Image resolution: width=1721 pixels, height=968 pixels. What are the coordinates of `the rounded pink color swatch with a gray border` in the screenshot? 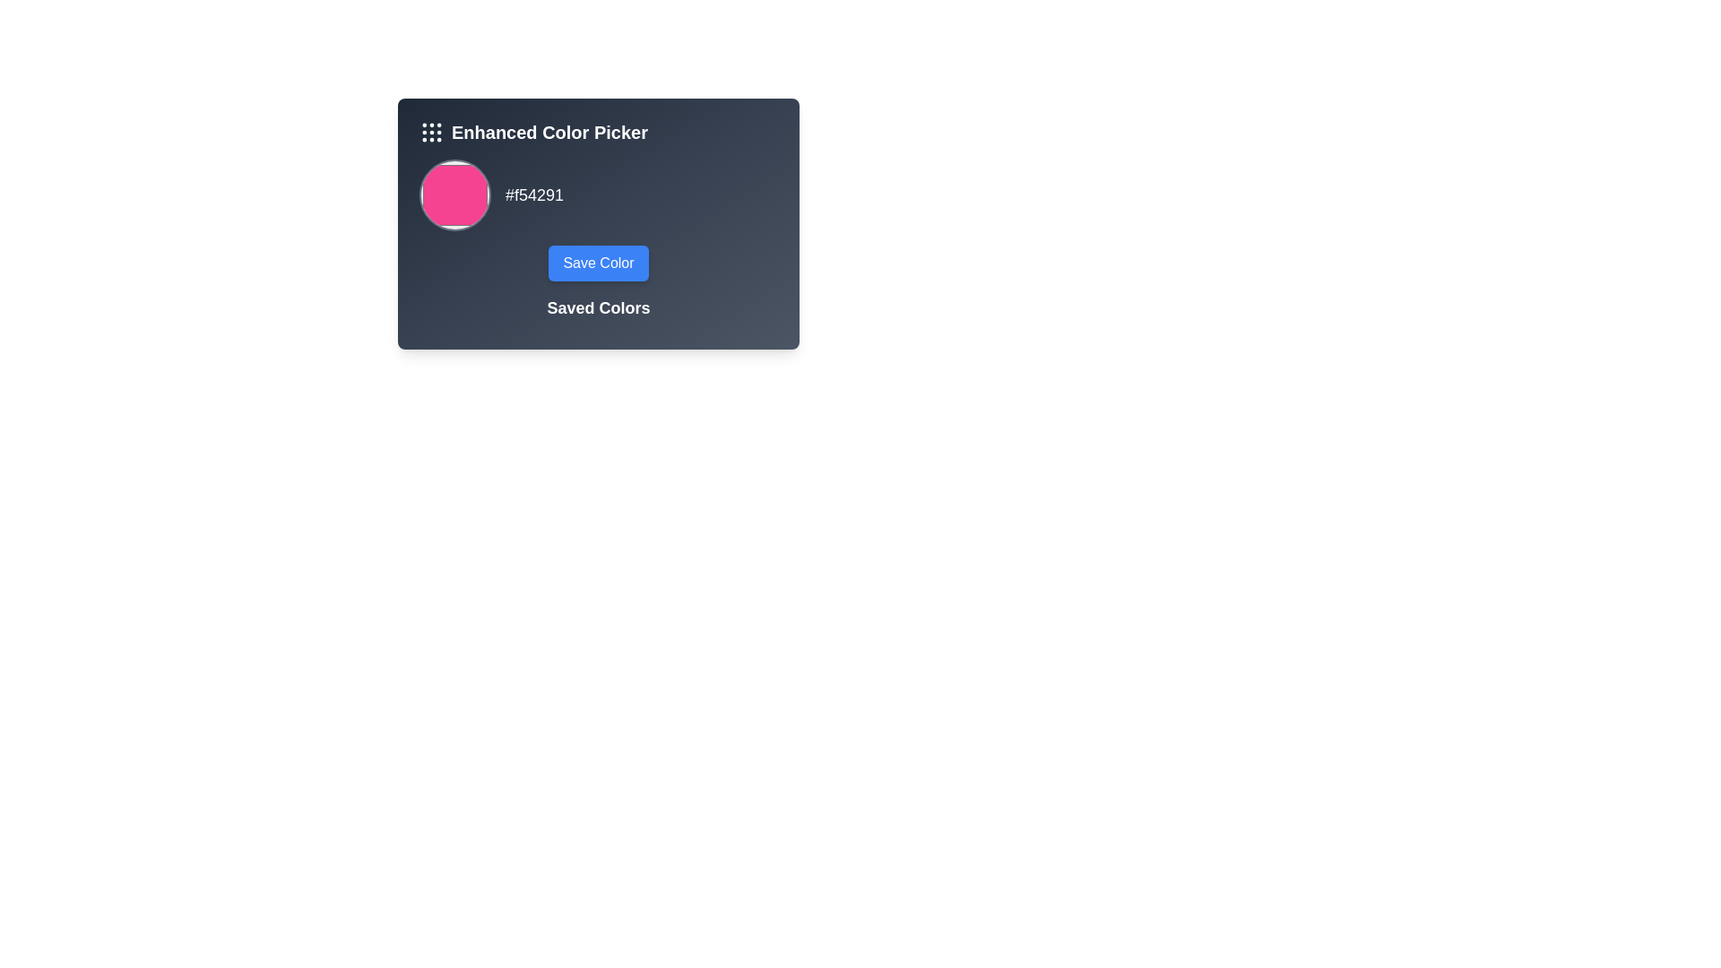 It's located at (455, 195).